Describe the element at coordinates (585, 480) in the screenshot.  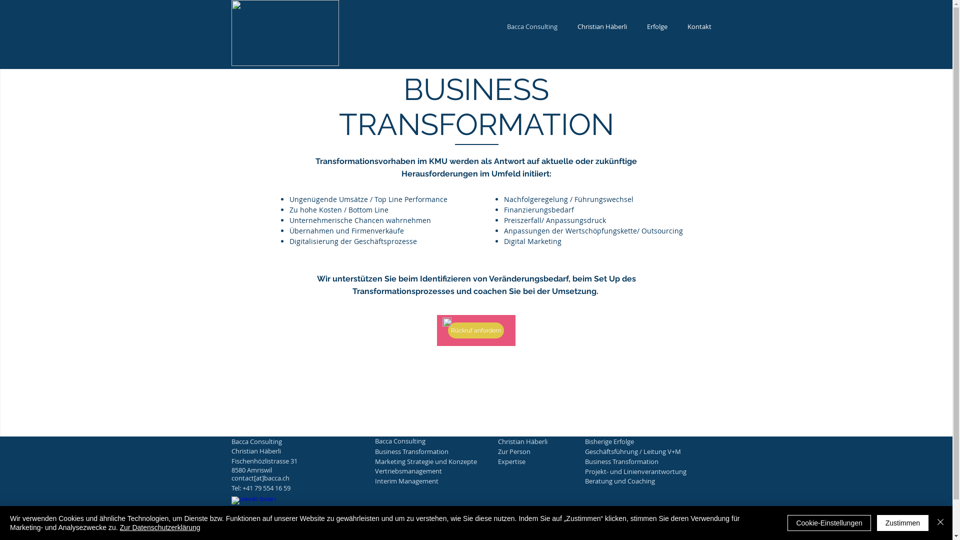
I see `'Beratung und Coaching'` at that location.